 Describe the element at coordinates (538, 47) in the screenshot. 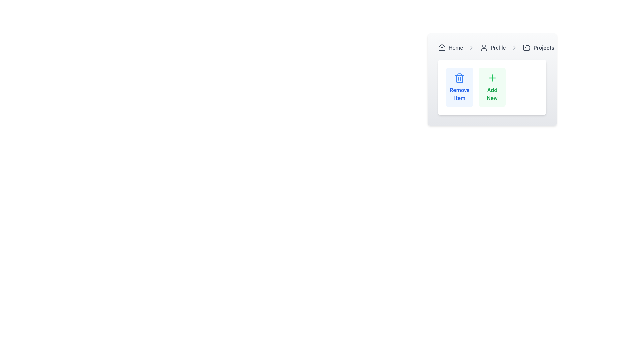

I see `the 'Projects' breadcrumb navigation link, which is the last element` at that location.